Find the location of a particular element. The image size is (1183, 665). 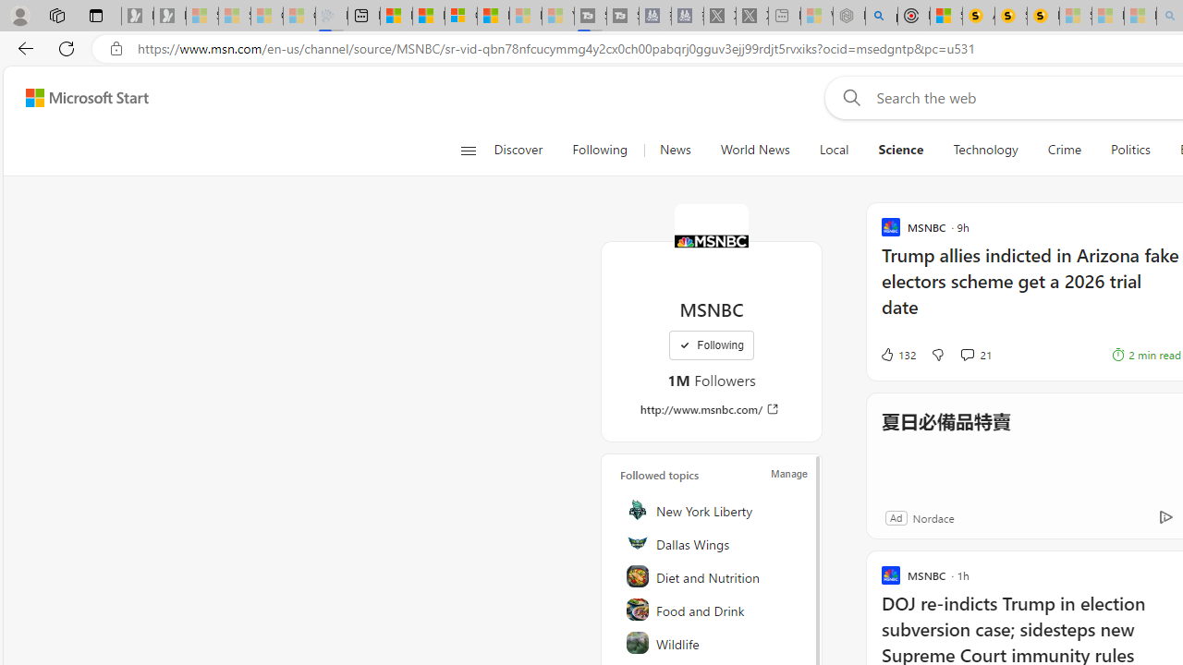

'Overview' is located at coordinates (461, 16).